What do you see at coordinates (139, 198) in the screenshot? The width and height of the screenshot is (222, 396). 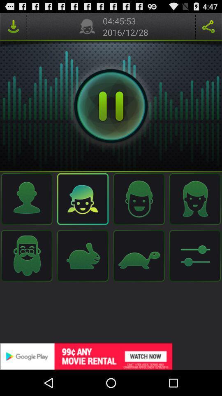 I see `the third pic under the pause button` at bounding box center [139, 198].